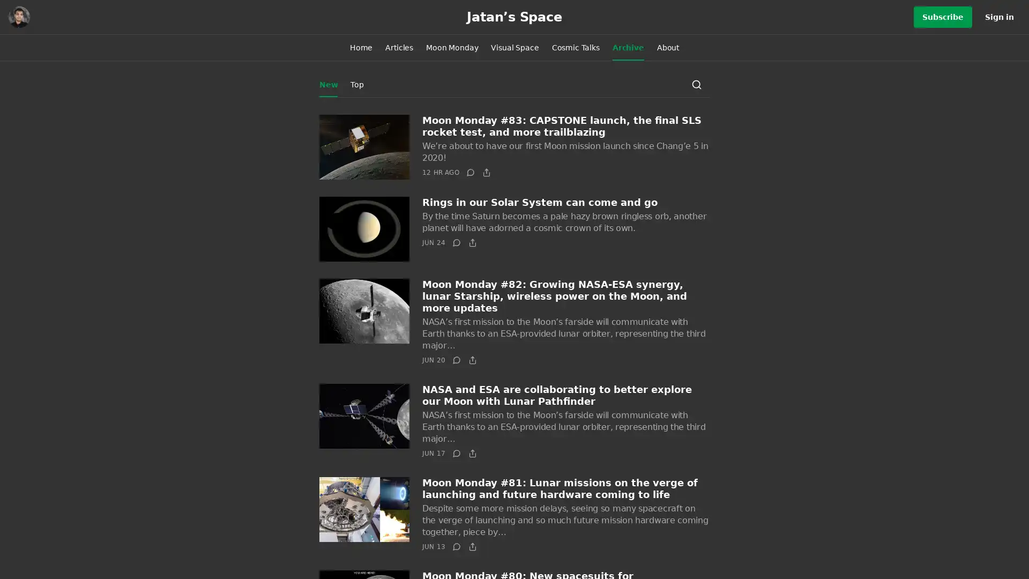 The height and width of the screenshot is (579, 1029). I want to click on Archive, so click(628, 47).